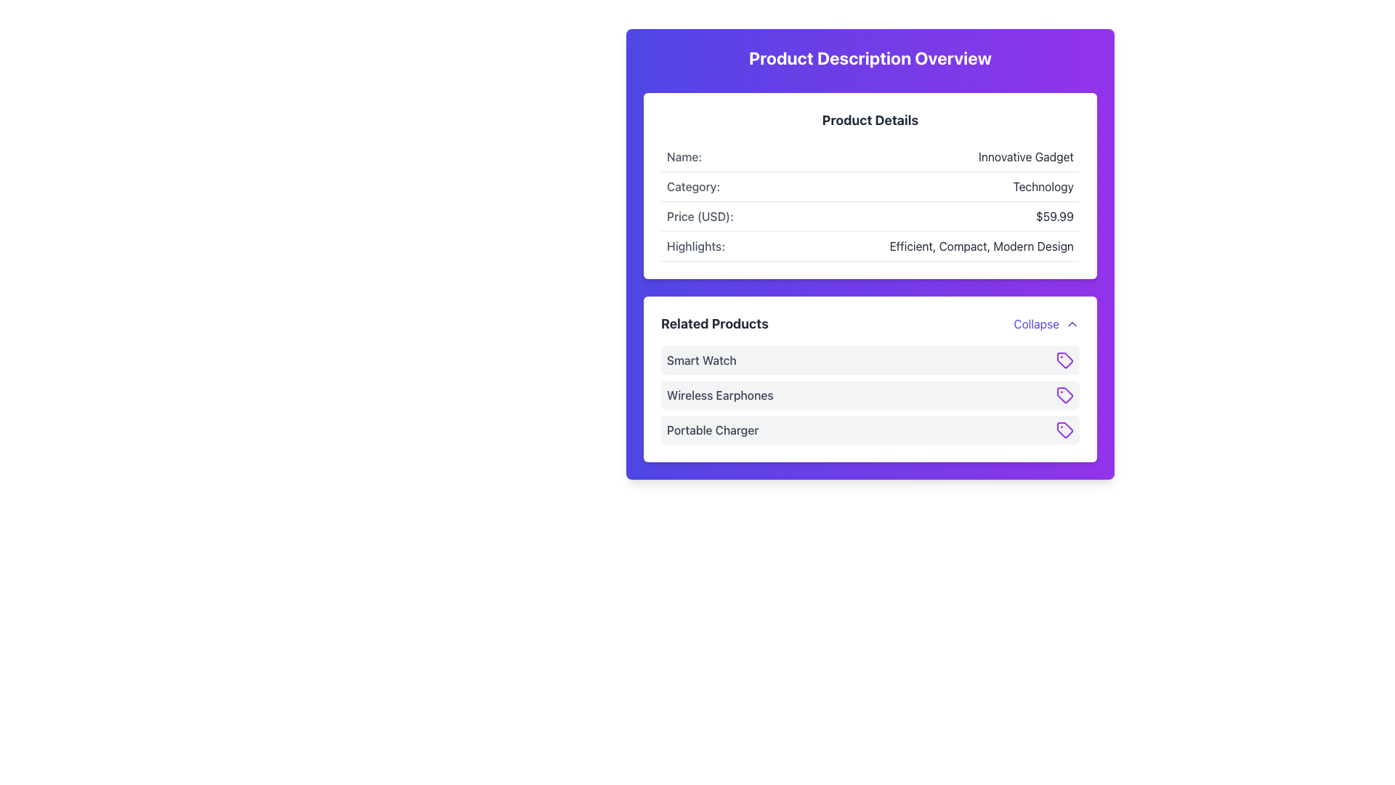 The height and width of the screenshot is (785, 1395). Describe the element at coordinates (1064, 395) in the screenshot. I see `the tag-shaped icon with a purple outline associated with 'Wireless Earphones'` at that location.